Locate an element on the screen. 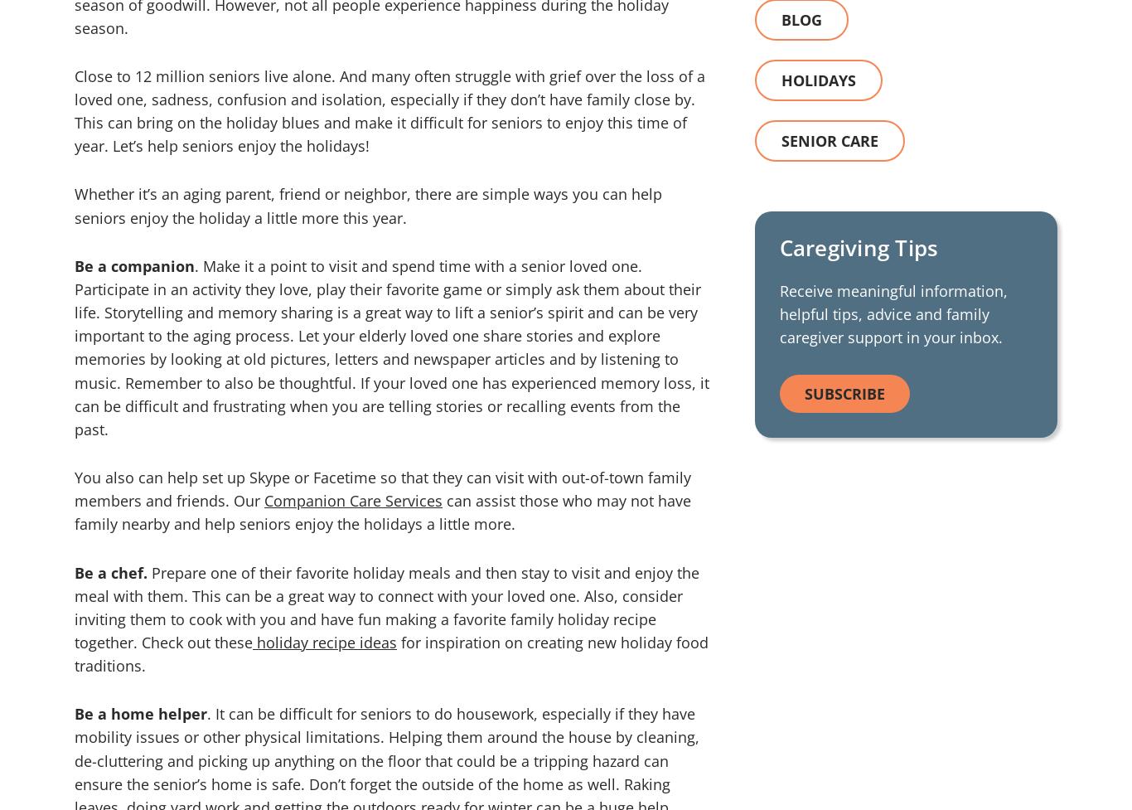  'Specialty Care' is located at coordinates (118, 308).